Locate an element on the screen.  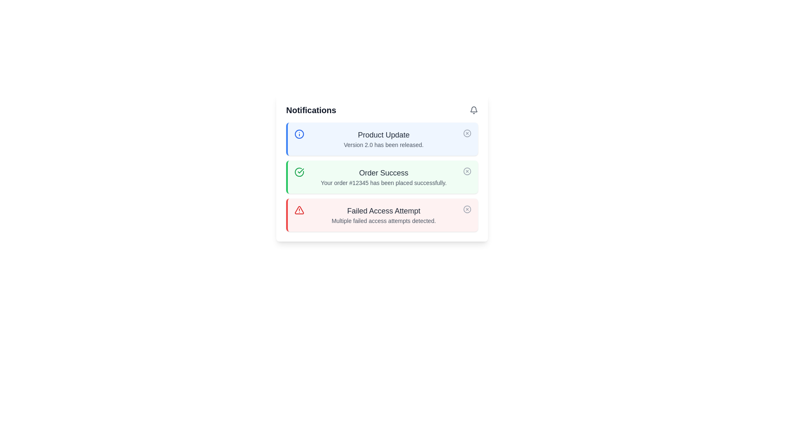
the notification type represented by the circular icon with a blue outline and a blue dot, located within the 'Product Update' notification card is located at coordinates (299, 133).